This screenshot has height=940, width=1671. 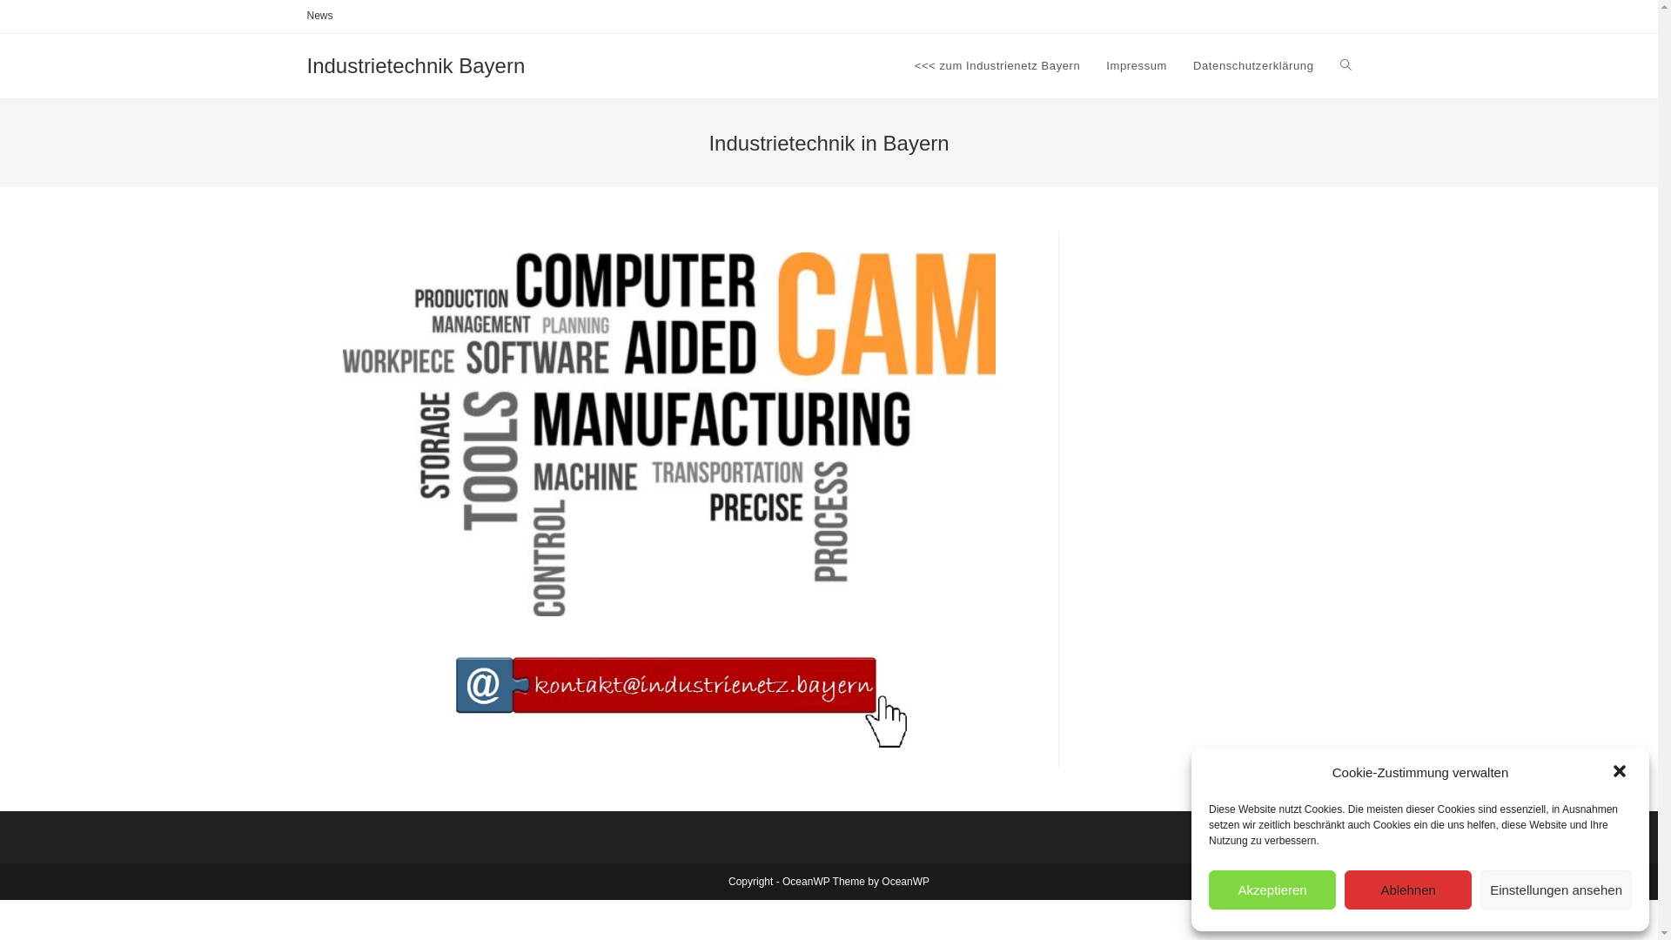 I want to click on 'Einstellungen ansehen', so click(x=1556, y=890).